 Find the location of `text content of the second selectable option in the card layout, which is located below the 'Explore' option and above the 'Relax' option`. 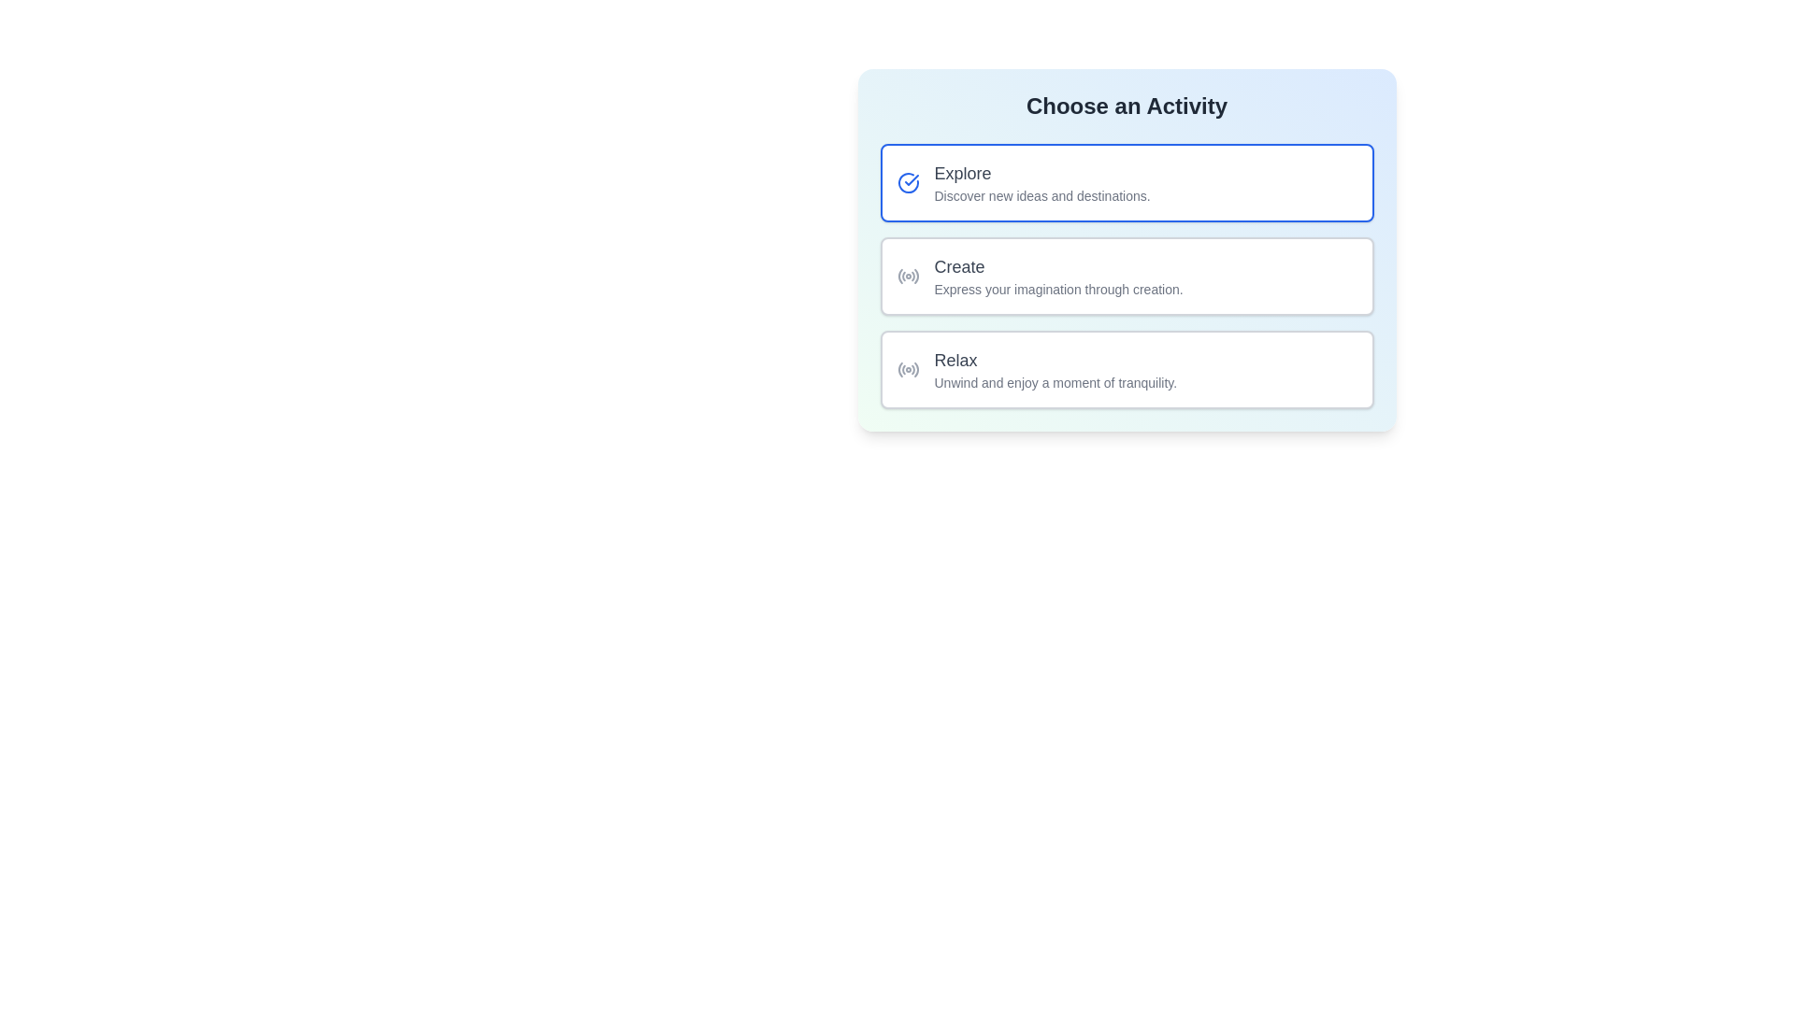

text content of the second selectable option in the card layout, which is located below the 'Explore' option and above the 'Relax' option is located at coordinates (1058, 277).